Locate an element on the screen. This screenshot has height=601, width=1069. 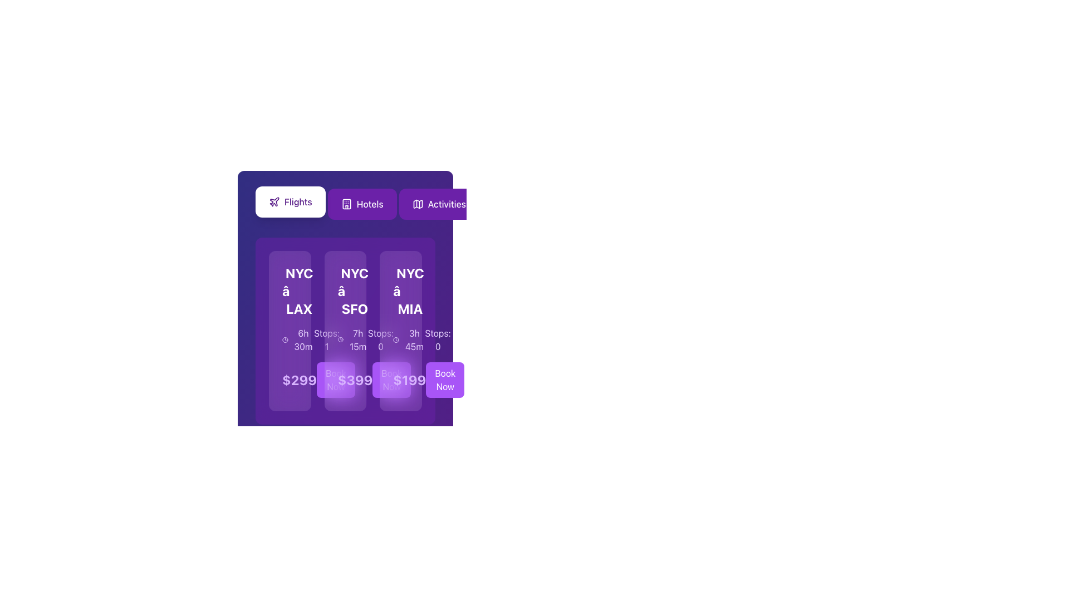
the plane-shaped icon with a purple outline located in the navigation bar to the left of the 'Flights' tab button is located at coordinates (274, 201).